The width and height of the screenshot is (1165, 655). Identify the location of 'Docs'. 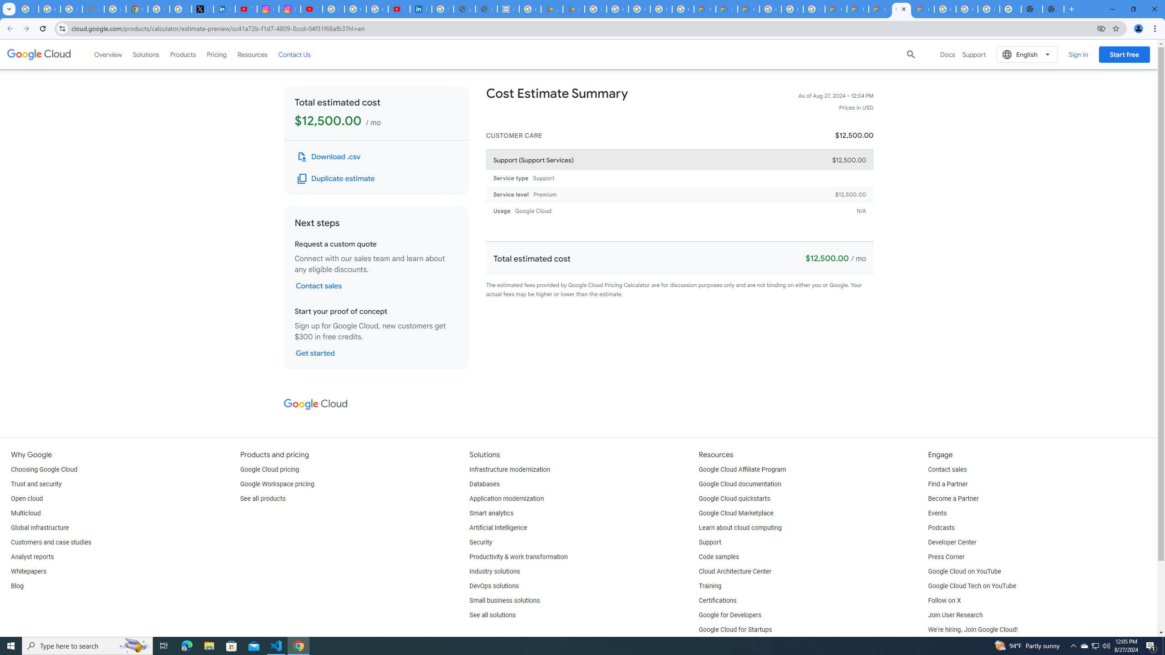
(947, 54).